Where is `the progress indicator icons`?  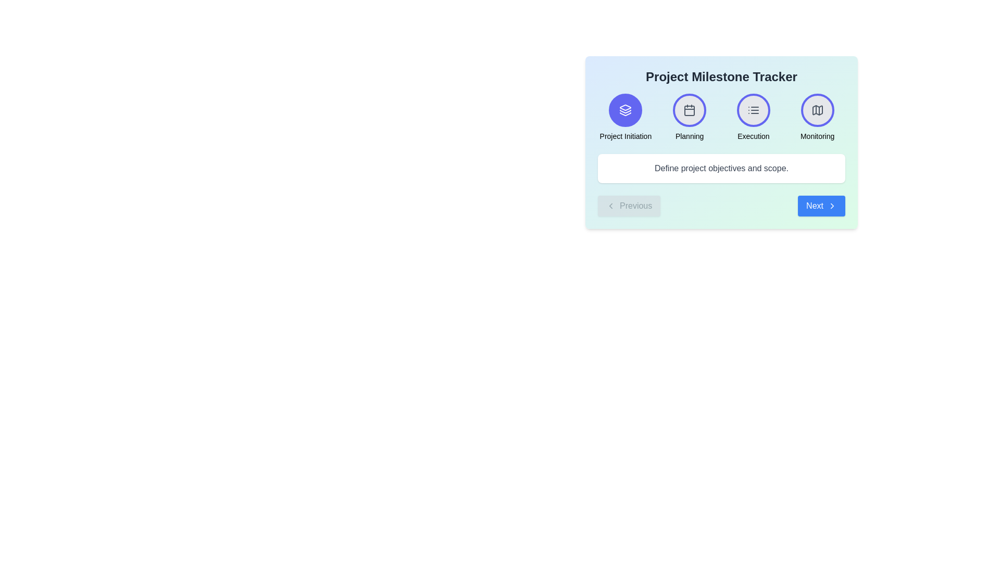
the progress indicator icons is located at coordinates (721, 117).